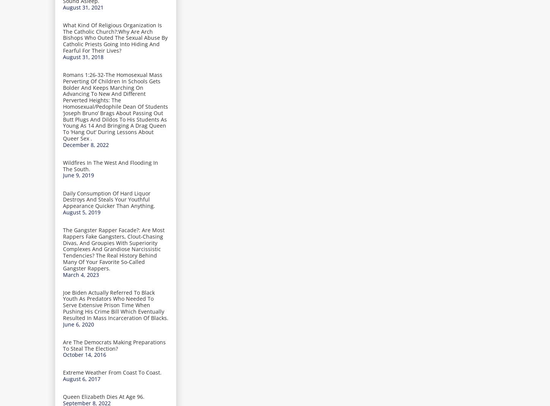 The height and width of the screenshot is (406, 550). What do you see at coordinates (114, 345) in the screenshot?
I see `'Are The Democrats Making Preparations To Steal The Election?'` at bounding box center [114, 345].